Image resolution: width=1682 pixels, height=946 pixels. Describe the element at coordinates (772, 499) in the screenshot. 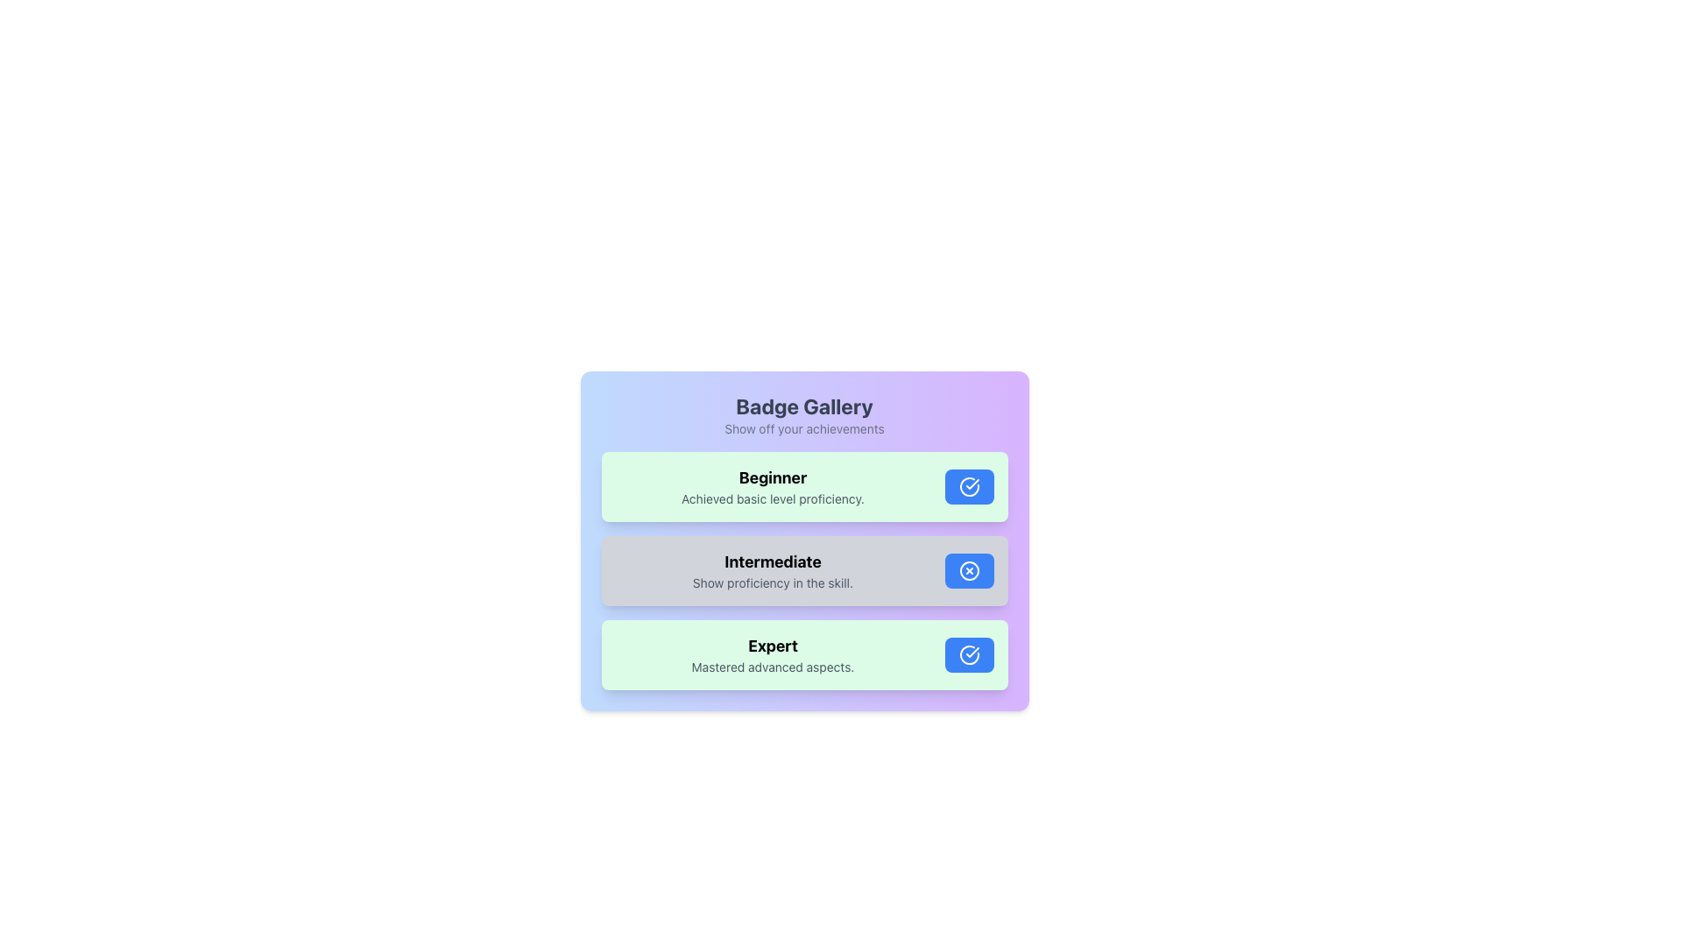

I see `the text label displaying 'Achieved basic level proficiency.' located below the 'Beginner' text in the 'Badge Gallery'` at that location.